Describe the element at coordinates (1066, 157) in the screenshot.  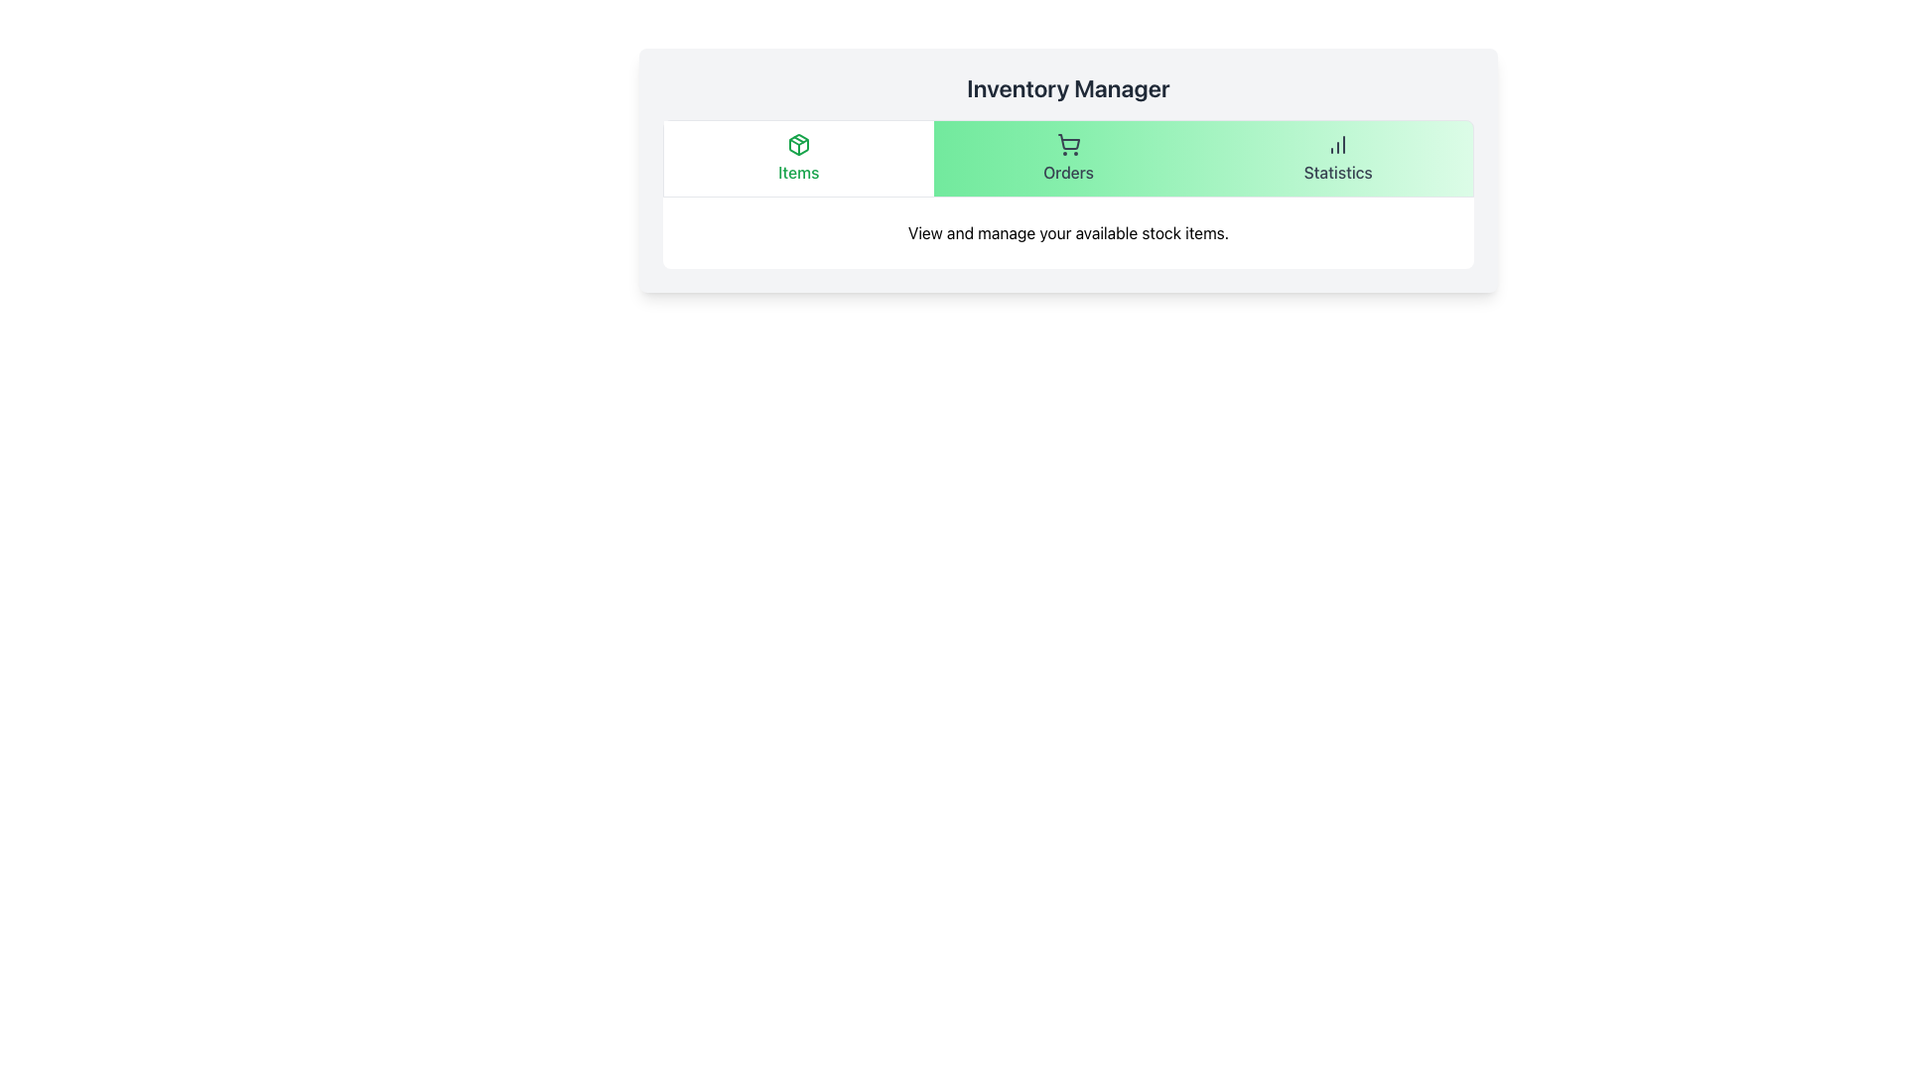
I see `the second button in the 'Inventory Manager' that opens the orders section` at that location.